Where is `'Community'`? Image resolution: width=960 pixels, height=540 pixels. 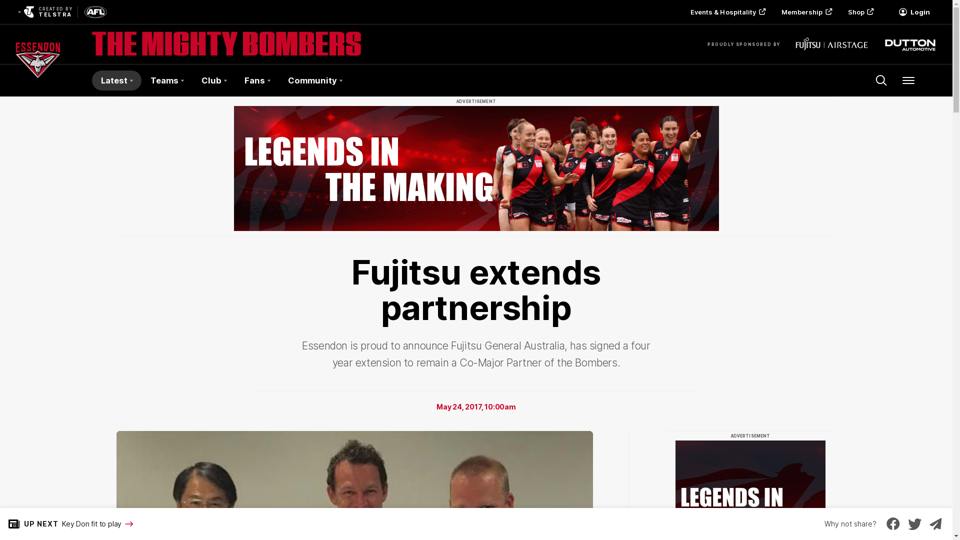
'Community' is located at coordinates (314, 80).